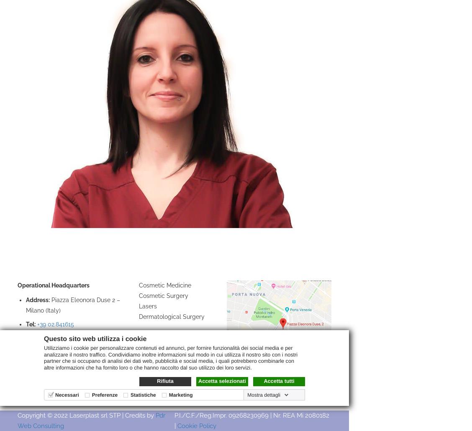 The height and width of the screenshot is (431, 472). Describe the element at coordinates (147, 305) in the screenshot. I see `'Lasers'` at that location.